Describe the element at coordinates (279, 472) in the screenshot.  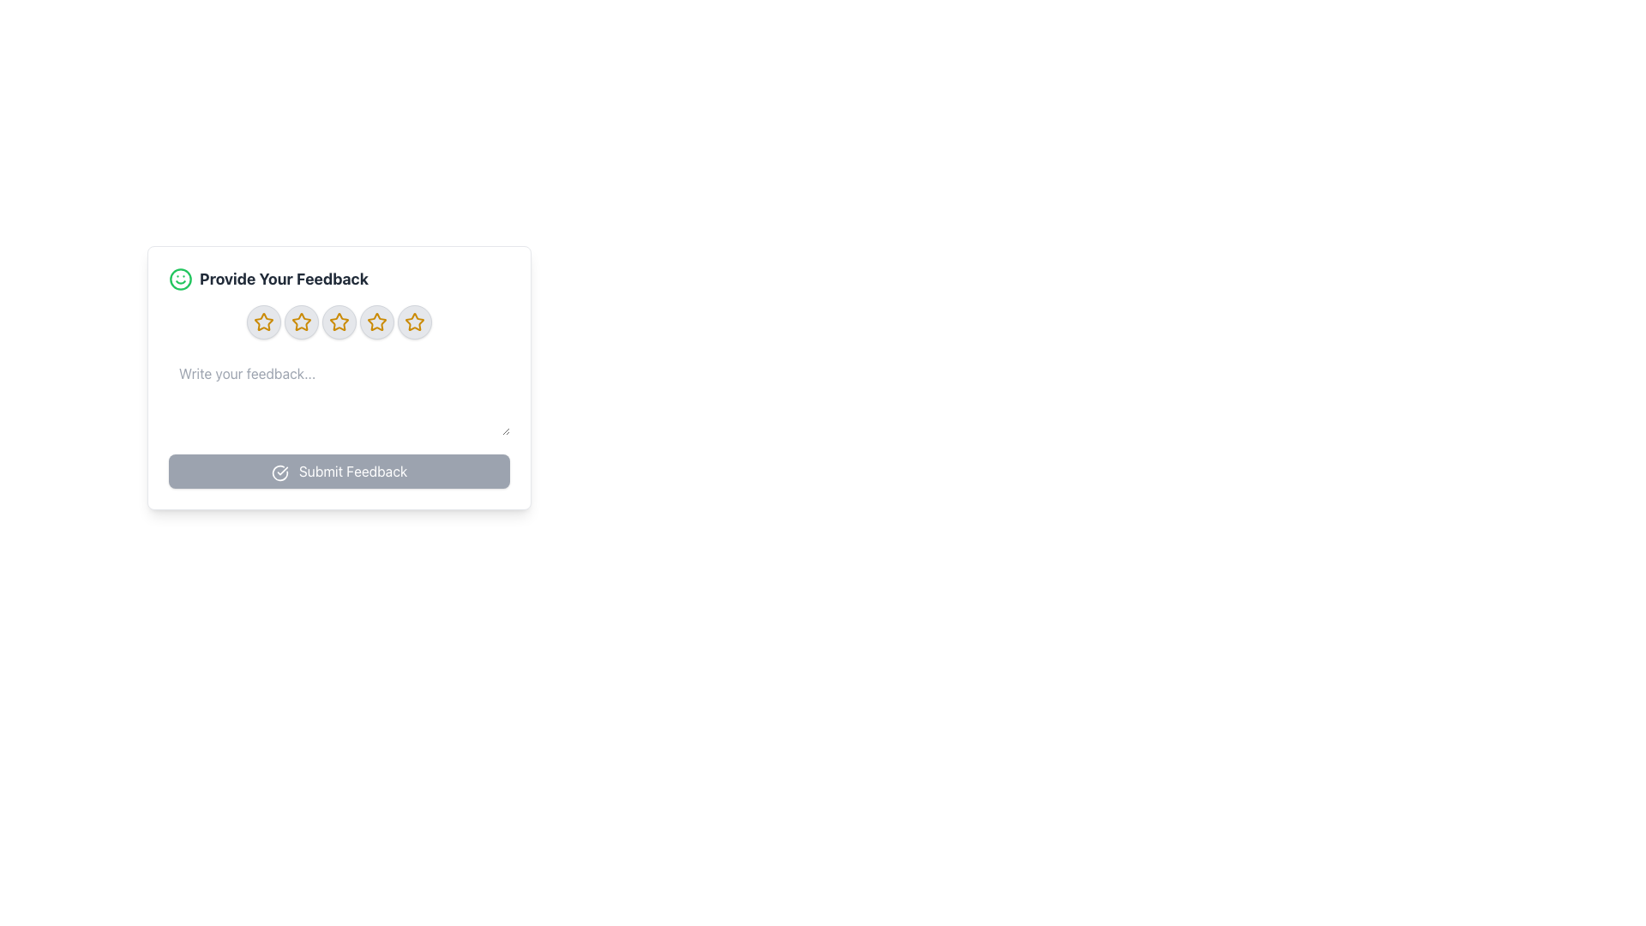
I see `the success confirmation button icon located to the far-left side of the 'Submit Feedback' button` at that location.